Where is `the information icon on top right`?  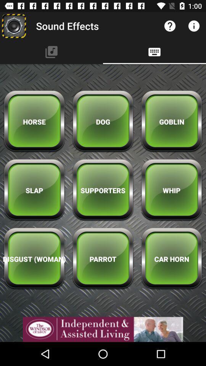 the information icon on top right is located at coordinates (194, 26).